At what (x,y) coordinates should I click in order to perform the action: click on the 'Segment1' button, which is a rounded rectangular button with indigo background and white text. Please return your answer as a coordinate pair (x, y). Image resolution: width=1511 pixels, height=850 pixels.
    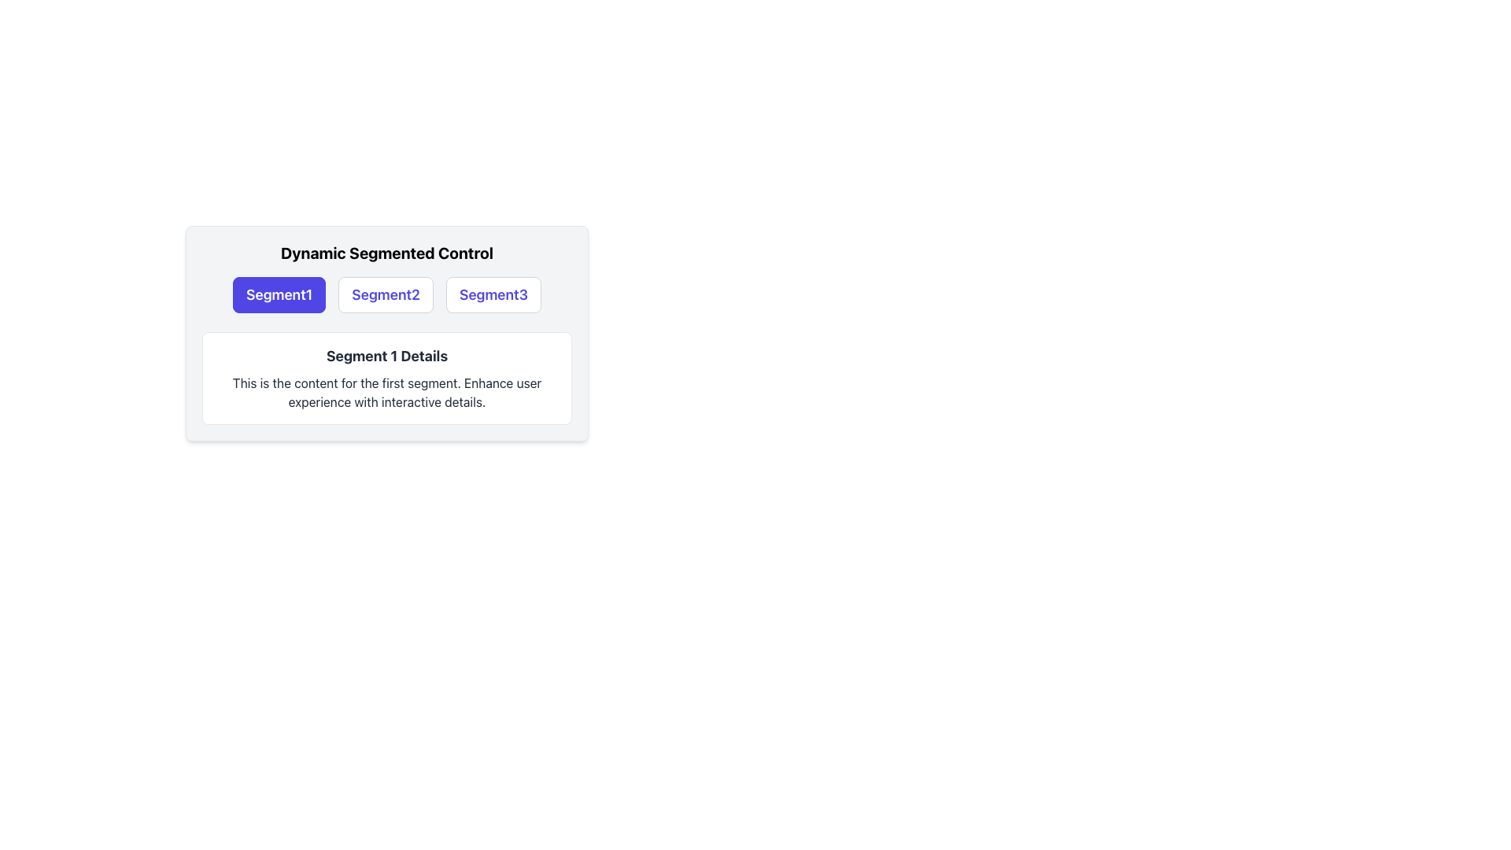
    Looking at the image, I should click on (279, 294).